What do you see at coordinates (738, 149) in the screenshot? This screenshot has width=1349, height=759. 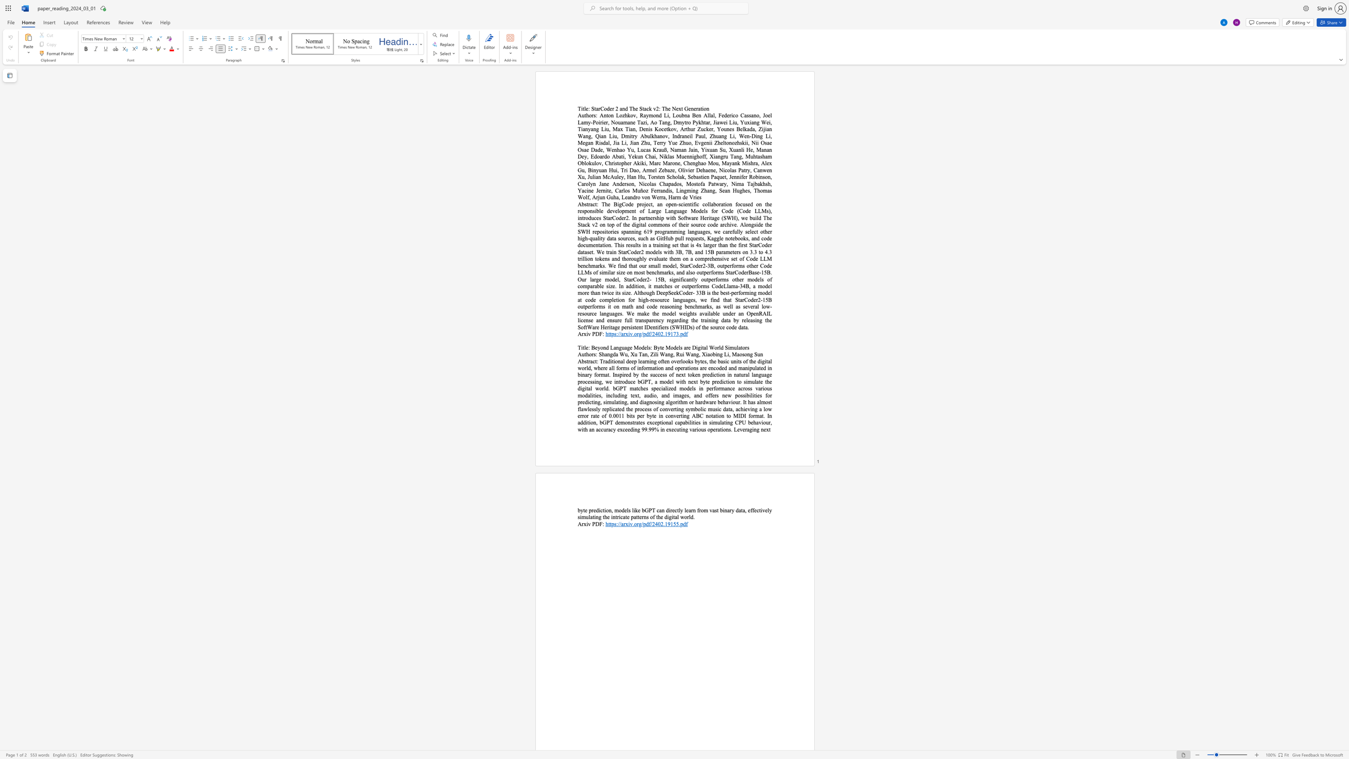 I see `the subset text "nli He," within the text "Anton Lozhkov, Raymond Li, Loubna Ben Allal, Federico Cassano, Joel Lamy-Poirier, Nouamane Tazi, Ao Tang, Dmytro Pykhtar, Jiawei Liu, Yuxiang Wei, Tianyang Liu, Max Tian, Denis Kocetkov, Arthur Zucker, Younes Belkada, Zijian Wang, Qian Liu, Dmitry Abulkhanov, Indraneil Paul, Zhuang Li, Wen-Ding Li, Megan Risdal, Jia Li, Jian Zhu, Terry Yue Zhuo, Evgenii Zheltonozhskii, Nii Osae Osae Dade, Wenhao Yu, Lucas Krauß, Naman Jain, Yixuan Su, Xuanli He, Manan Dey, Edoardo Abati, Yekun Chai, Niklas Muennighoff, Xiangru Tang, Muhtasham Oblokulov, Christopher Akiki, Marc Marone, Chenghao Mou, Mayank Mishra, Alex Gu, Binyuan Hui, Tri Dao, Armel Zebaze, Olivier Dehaene, Nicolas Patry, Canwen Xu, Julian McAuley, Han Hu, Torsten Scholak, Sebastien Paquet, Jennifer Robinson, Carolyn Jane Anderson, Nicolas Chapados, Mostofa Patwary, Nima Tajbakhsh, Yacine Jernite, Carlos Muñoz Ferrandis, Lingming Zhang, Sean Hughes, Thomas Wolf, Arjun Guha, Leandro von Werra, Harm de Vries"` at bounding box center [738, 149].